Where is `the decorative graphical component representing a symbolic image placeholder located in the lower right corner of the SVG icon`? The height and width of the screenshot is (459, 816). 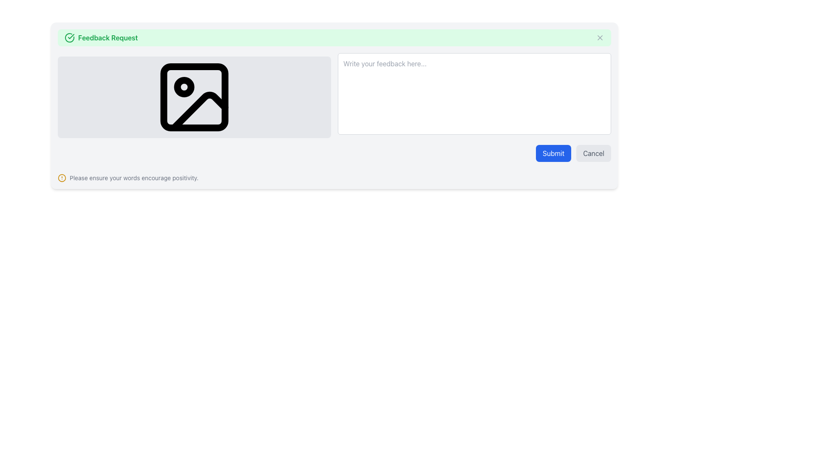 the decorative graphical component representing a symbolic image placeholder located in the lower right corner of the SVG icon is located at coordinates (199, 111).